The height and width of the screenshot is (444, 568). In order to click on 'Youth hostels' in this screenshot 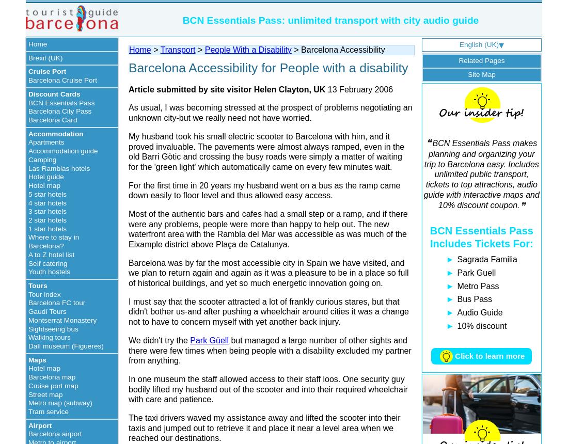, I will do `click(28, 271)`.